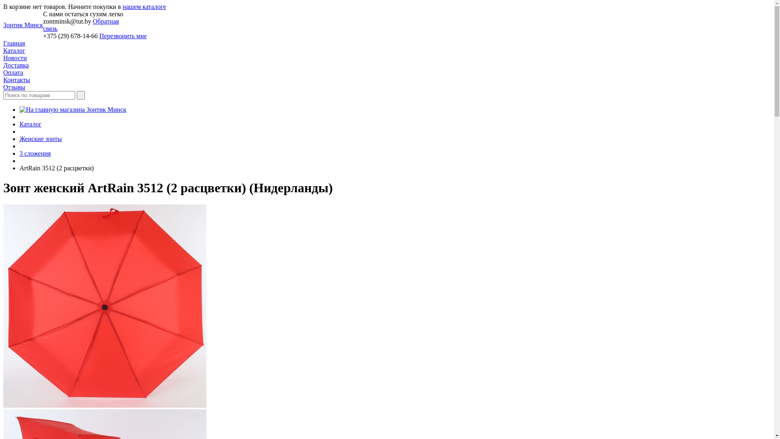 Image resolution: width=780 pixels, height=439 pixels. I want to click on ' ', so click(80, 95).